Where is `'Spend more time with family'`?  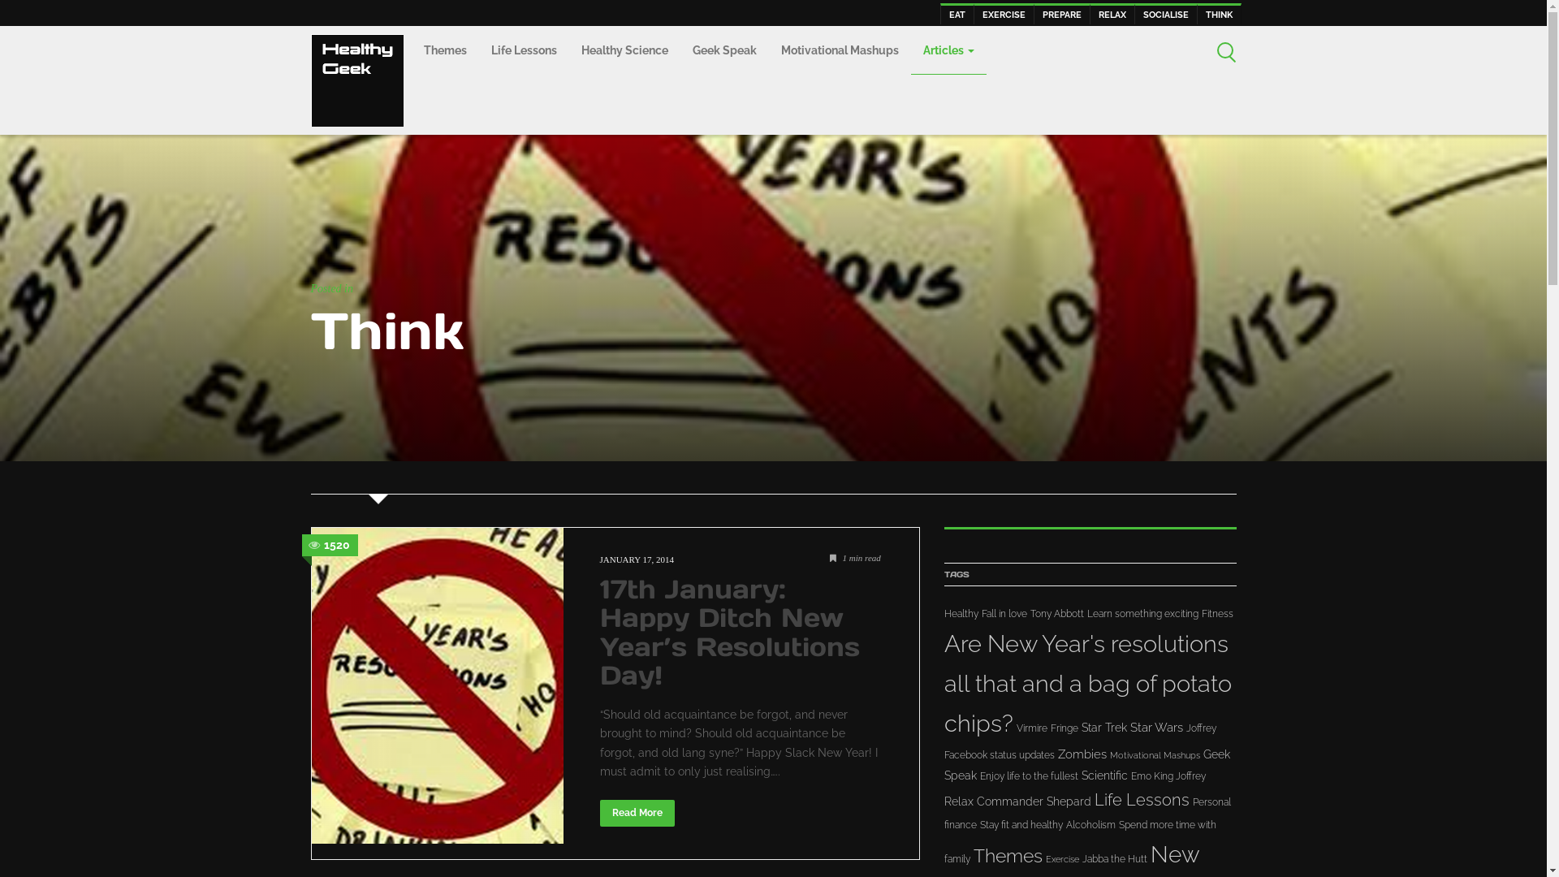
'Spend more time with family' is located at coordinates (1079, 841).